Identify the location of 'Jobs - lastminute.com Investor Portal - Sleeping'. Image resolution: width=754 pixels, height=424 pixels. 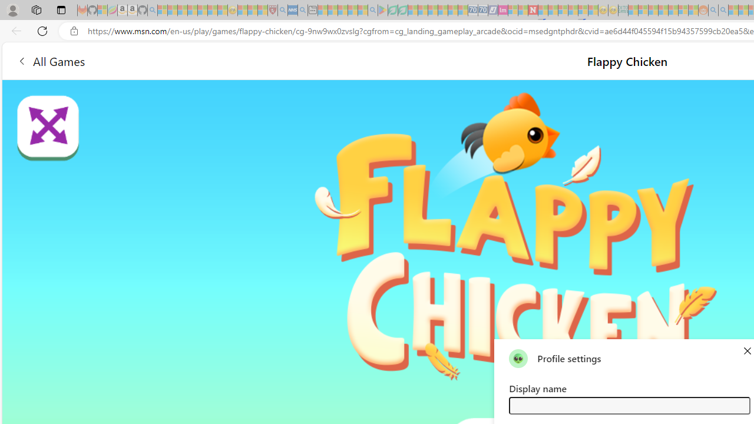
(502, 10).